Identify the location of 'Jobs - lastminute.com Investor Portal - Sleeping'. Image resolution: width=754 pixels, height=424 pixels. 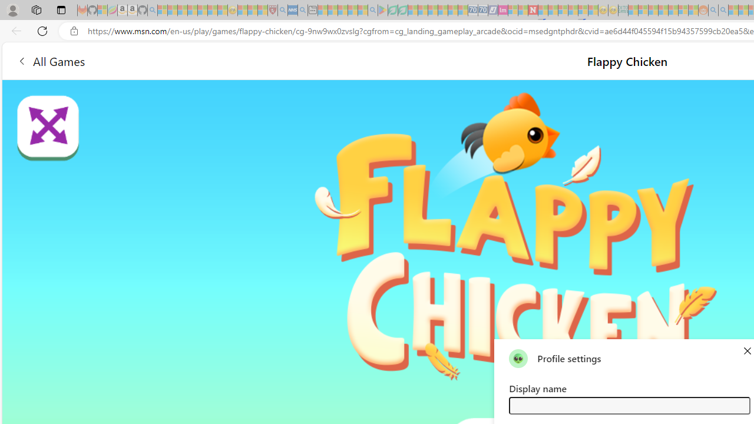
(502, 10).